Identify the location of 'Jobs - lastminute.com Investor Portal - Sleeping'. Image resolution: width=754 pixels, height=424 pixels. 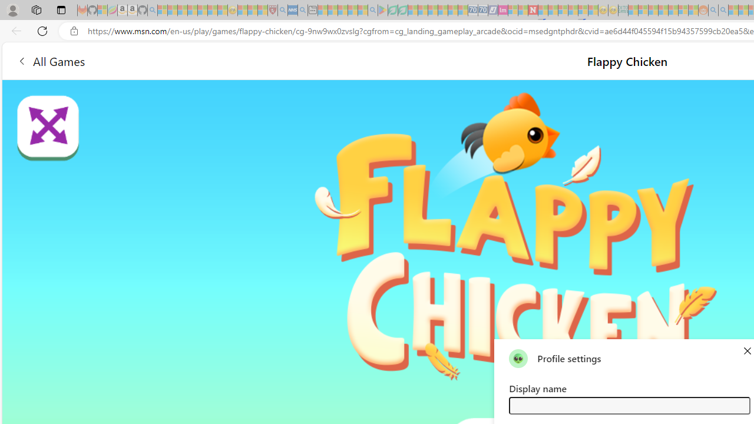
(502, 10).